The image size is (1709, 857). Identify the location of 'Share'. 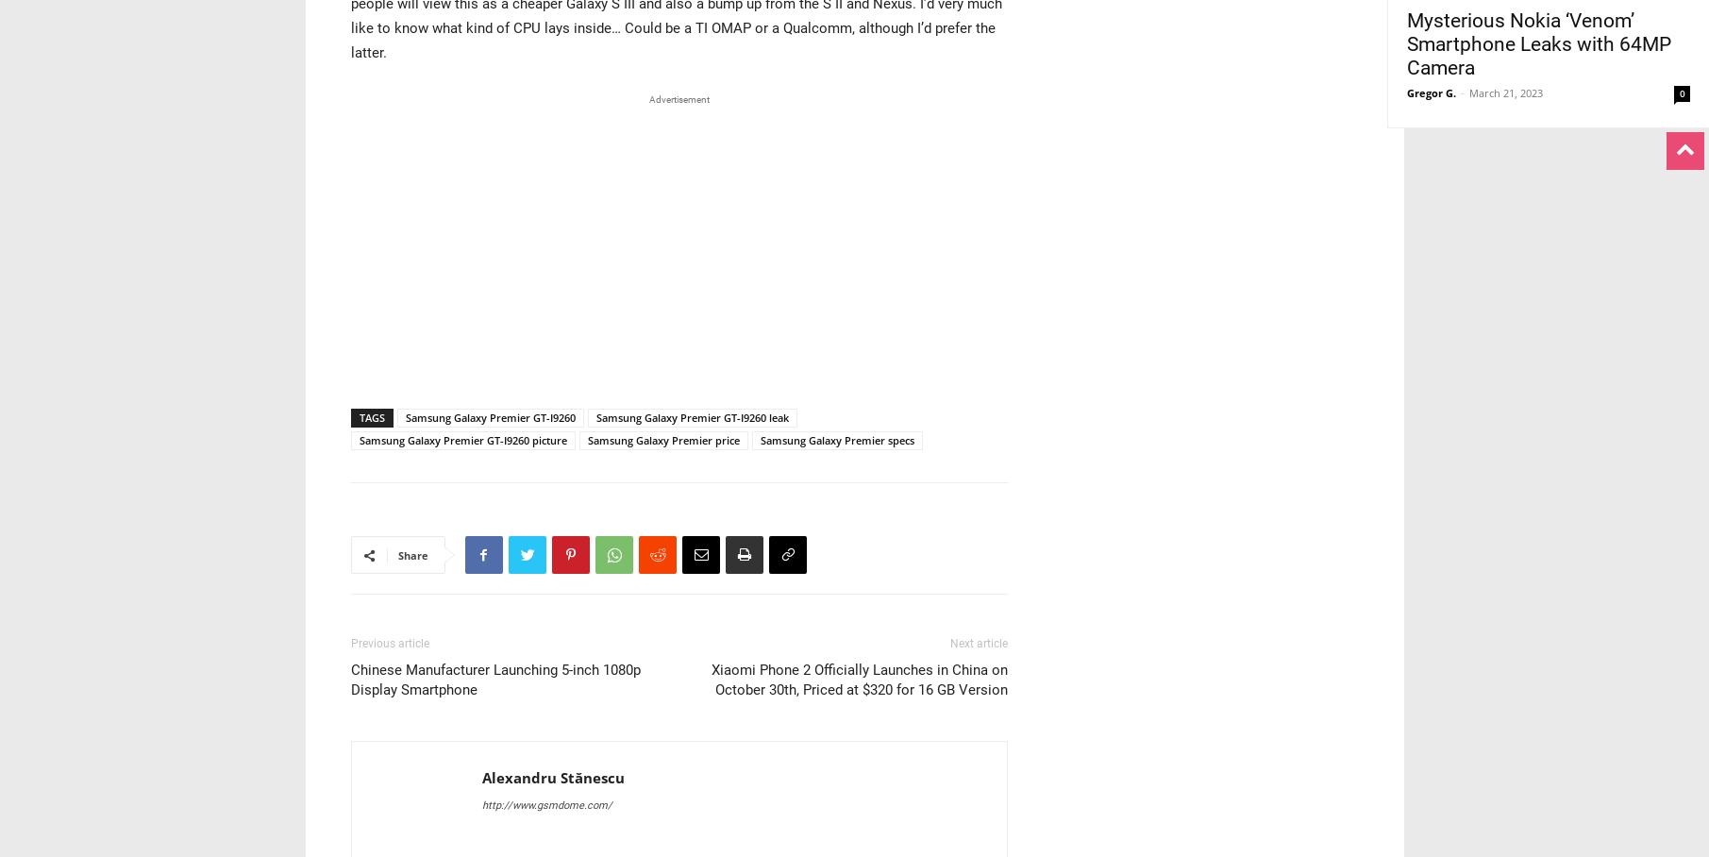
(411, 555).